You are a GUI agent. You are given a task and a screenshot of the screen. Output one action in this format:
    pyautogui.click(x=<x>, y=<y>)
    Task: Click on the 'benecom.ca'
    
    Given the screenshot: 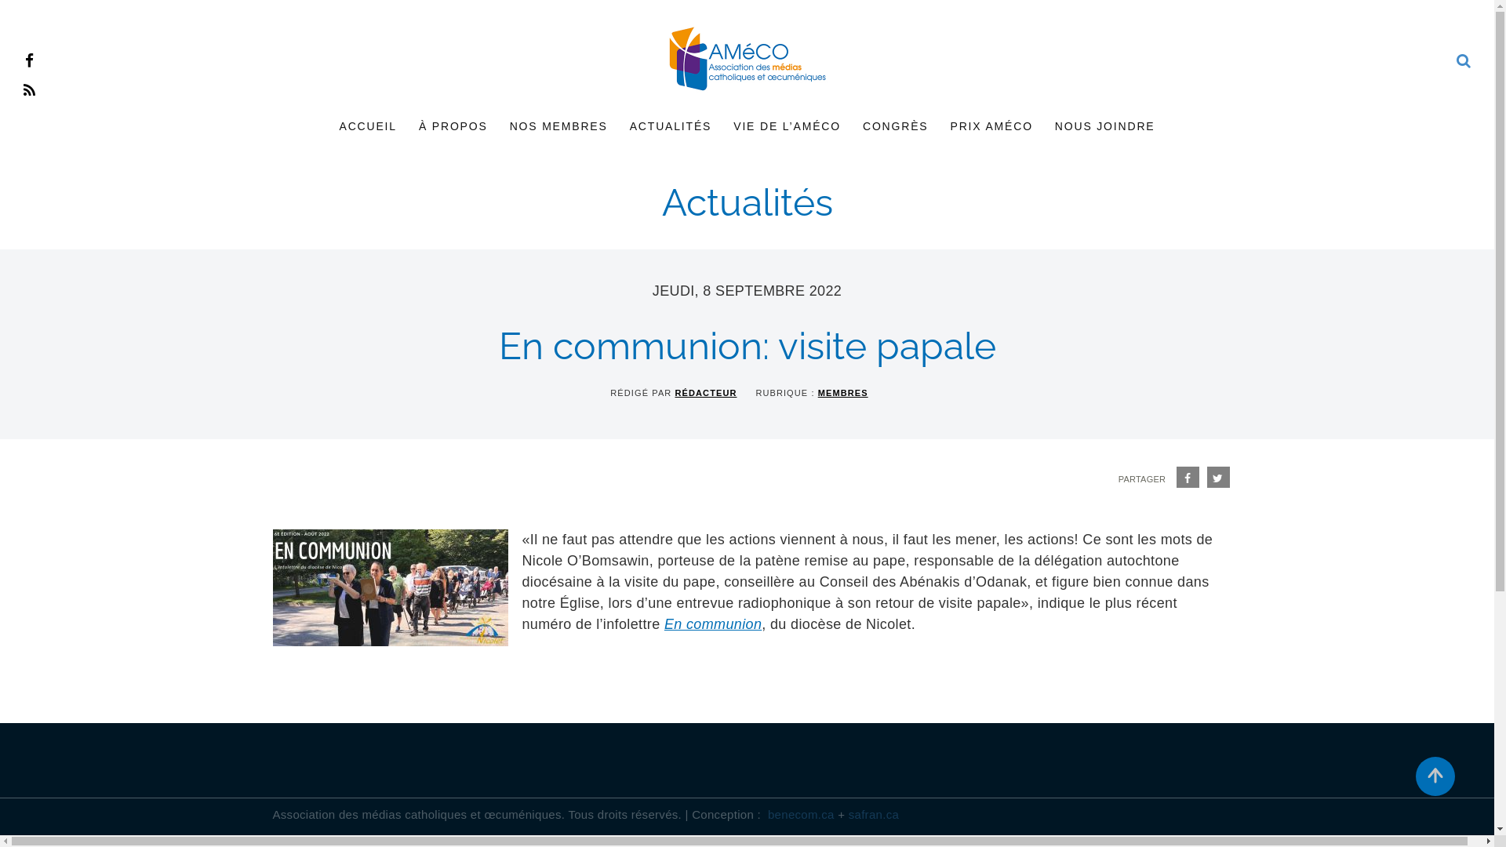 What is the action you would take?
    pyautogui.click(x=801, y=814)
    